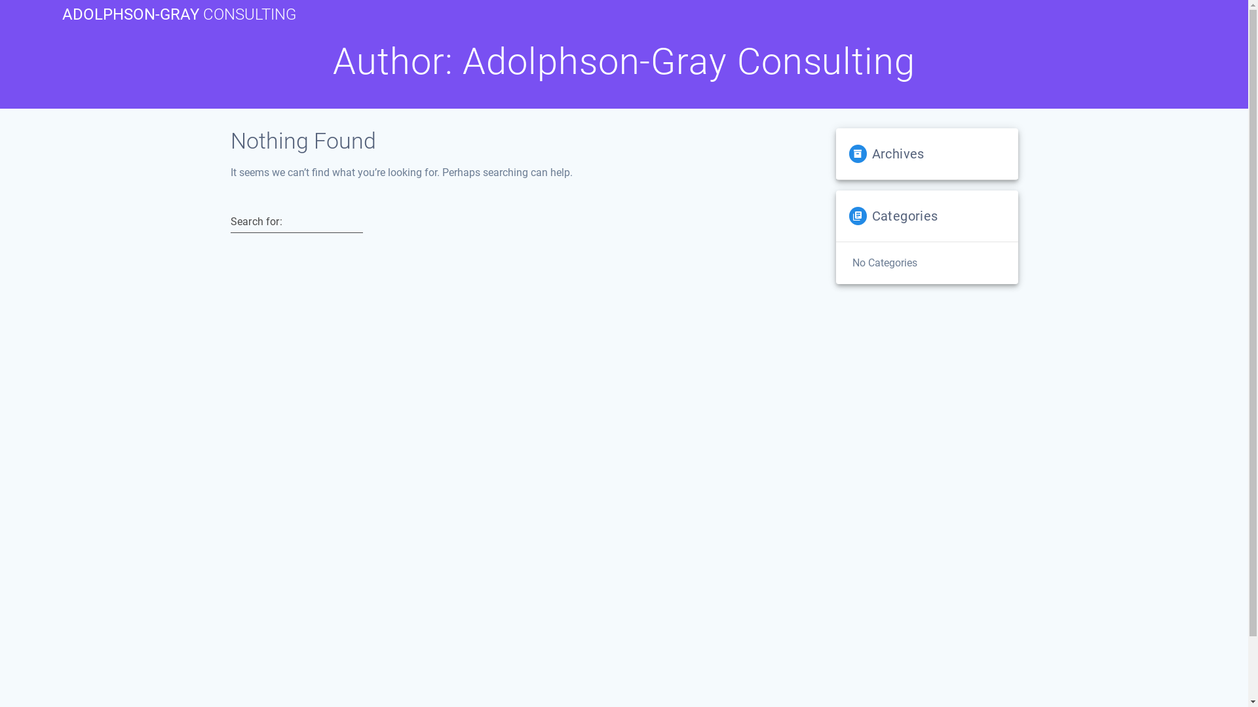  What do you see at coordinates (178, 14) in the screenshot?
I see `'ADOLPHSON-GRAY CONSULTING'` at bounding box center [178, 14].